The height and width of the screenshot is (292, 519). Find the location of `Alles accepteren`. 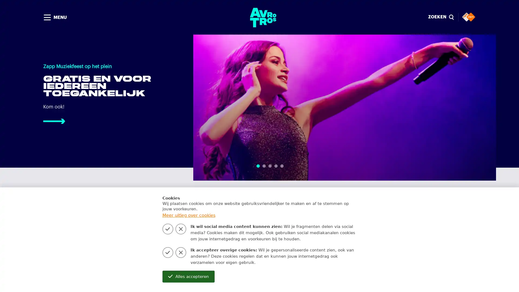

Alles accepteren is located at coordinates (188, 276).